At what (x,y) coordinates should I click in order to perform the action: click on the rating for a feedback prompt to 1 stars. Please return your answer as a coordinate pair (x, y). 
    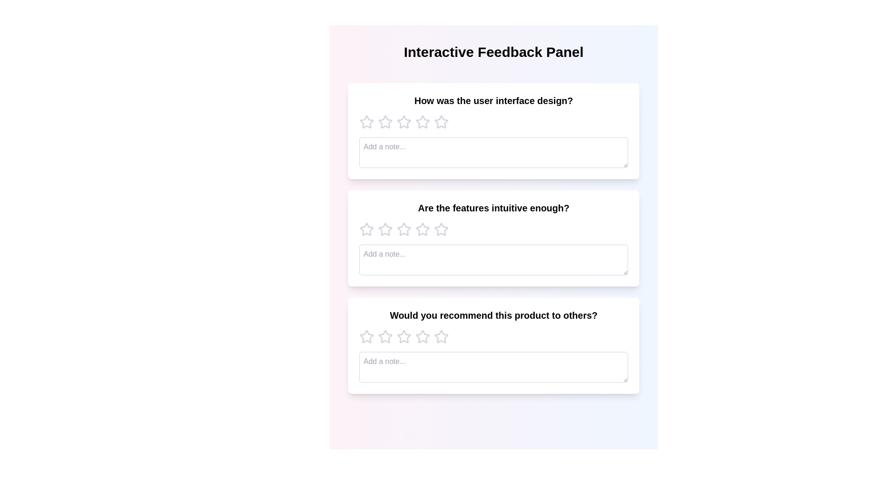
    Looking at the image, I should click on (366, 122).